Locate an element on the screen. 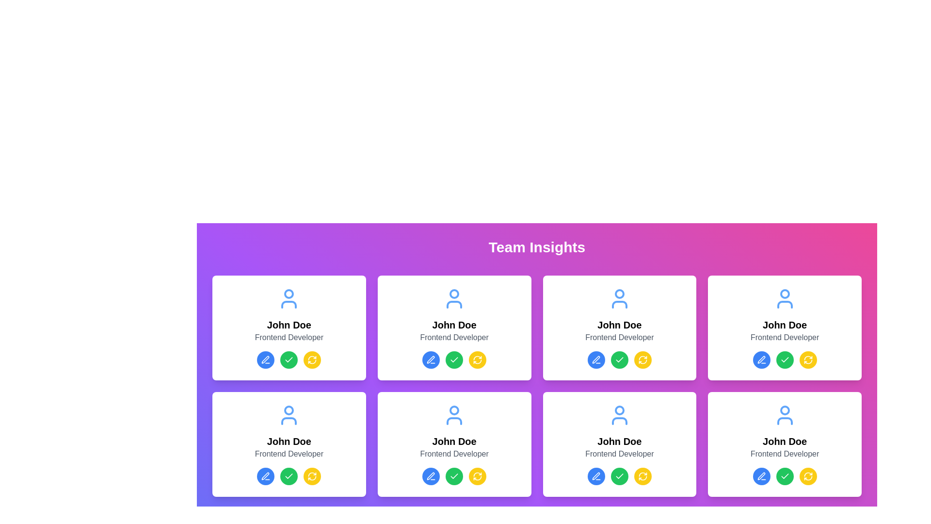  the green circular button with a white checkmark icon using keyboard navigation is located at coordinates (454, 360).